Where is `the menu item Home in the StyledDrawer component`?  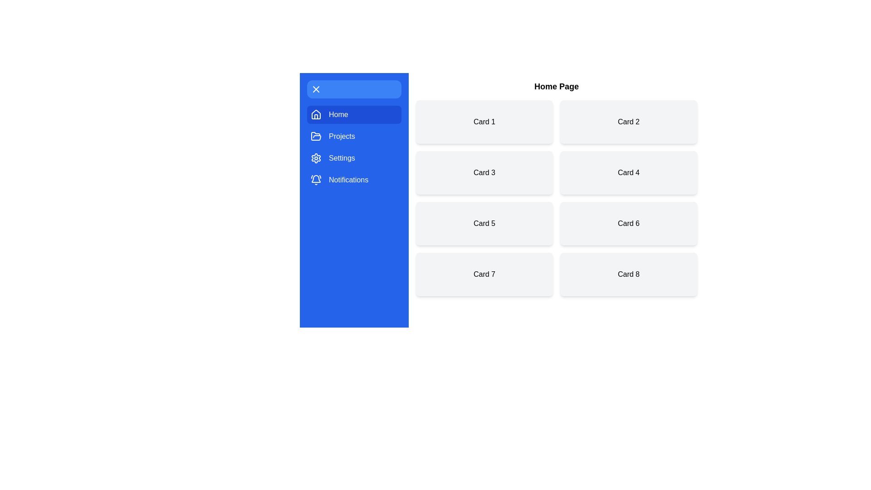
the menu item Home in the StyledDrawer component is located at coordinates (354, 114).